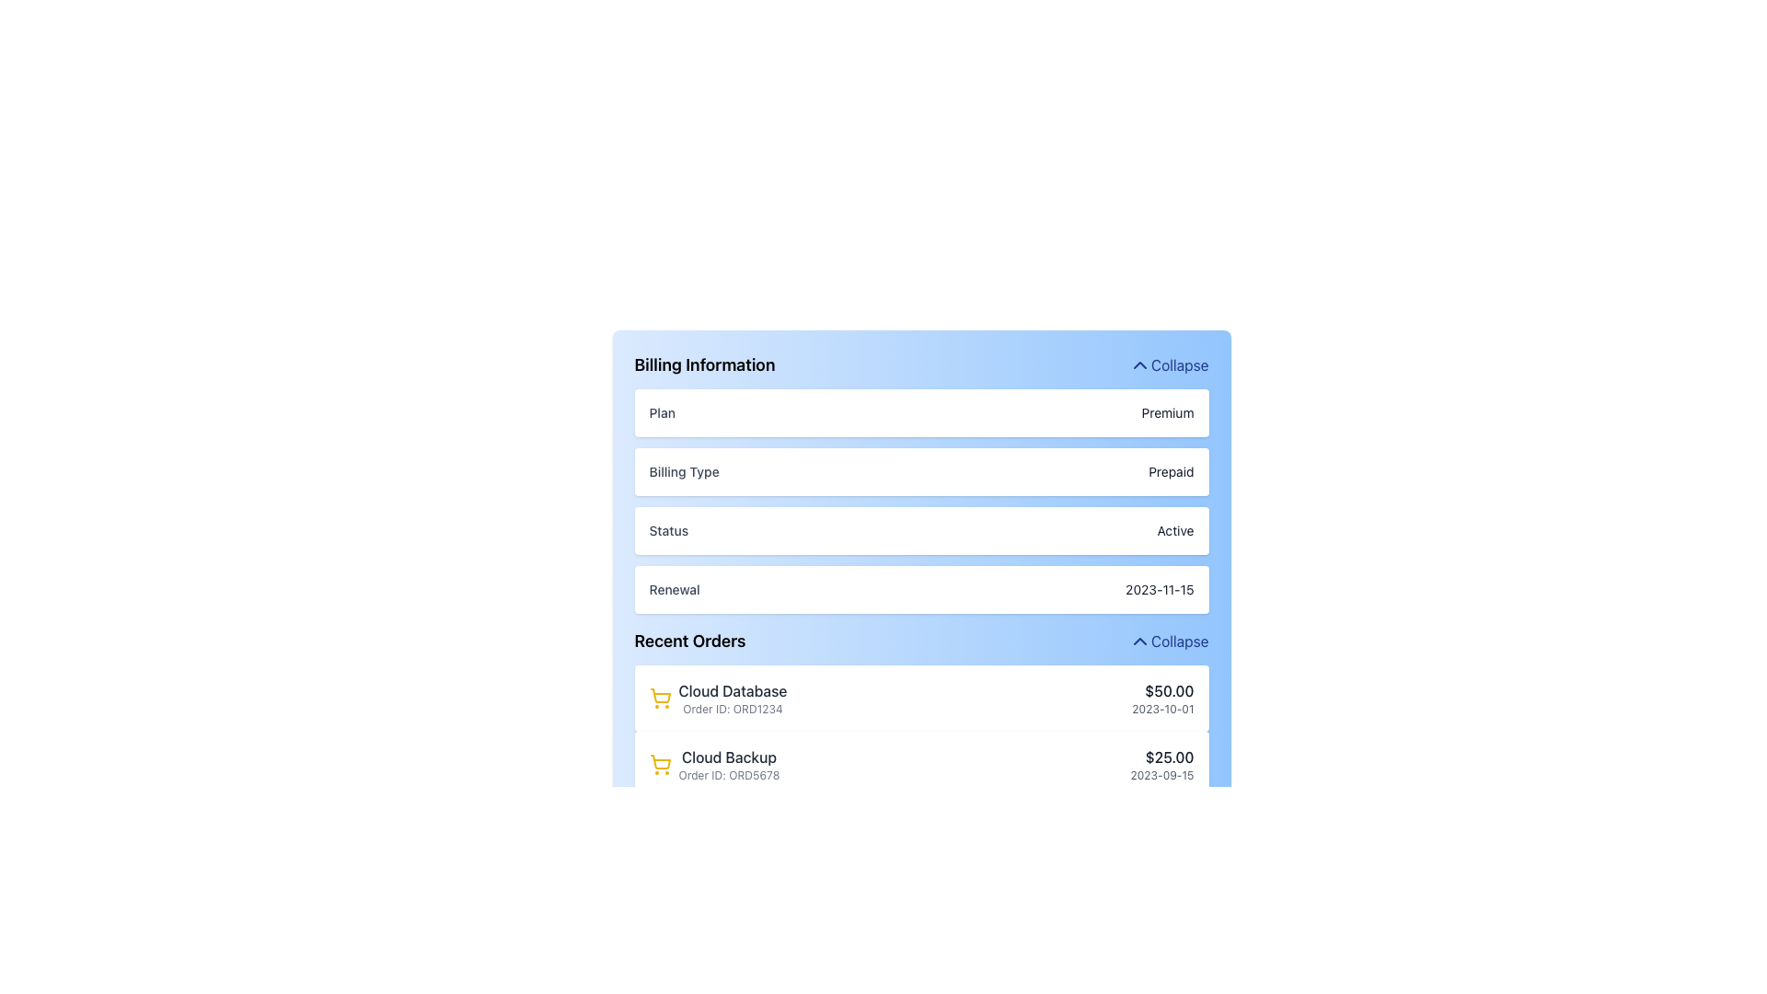  What do you see at coordinates (1168, 365) in the screenshot?
I see `the interactive toggleable label with an icon located at the top-right corner of the 'Billing Information' section` at bounding box center [1168, 365].